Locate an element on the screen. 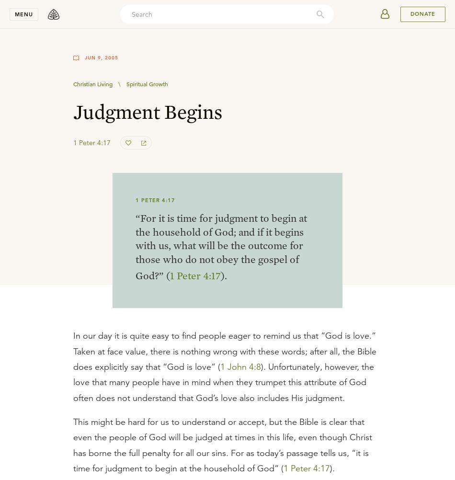 The height and width of the screenshot is (480, 455). '). Unfortunately, however, the love that many people have in mind when they trumpet this attribute of God often does not understand that God’s love also includes His judgment.' is located at coordinates (223, 381).